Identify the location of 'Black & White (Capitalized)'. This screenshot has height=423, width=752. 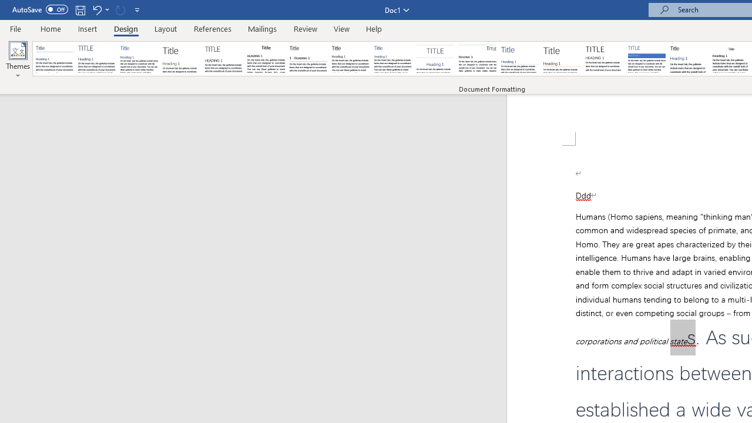
(224, 59).